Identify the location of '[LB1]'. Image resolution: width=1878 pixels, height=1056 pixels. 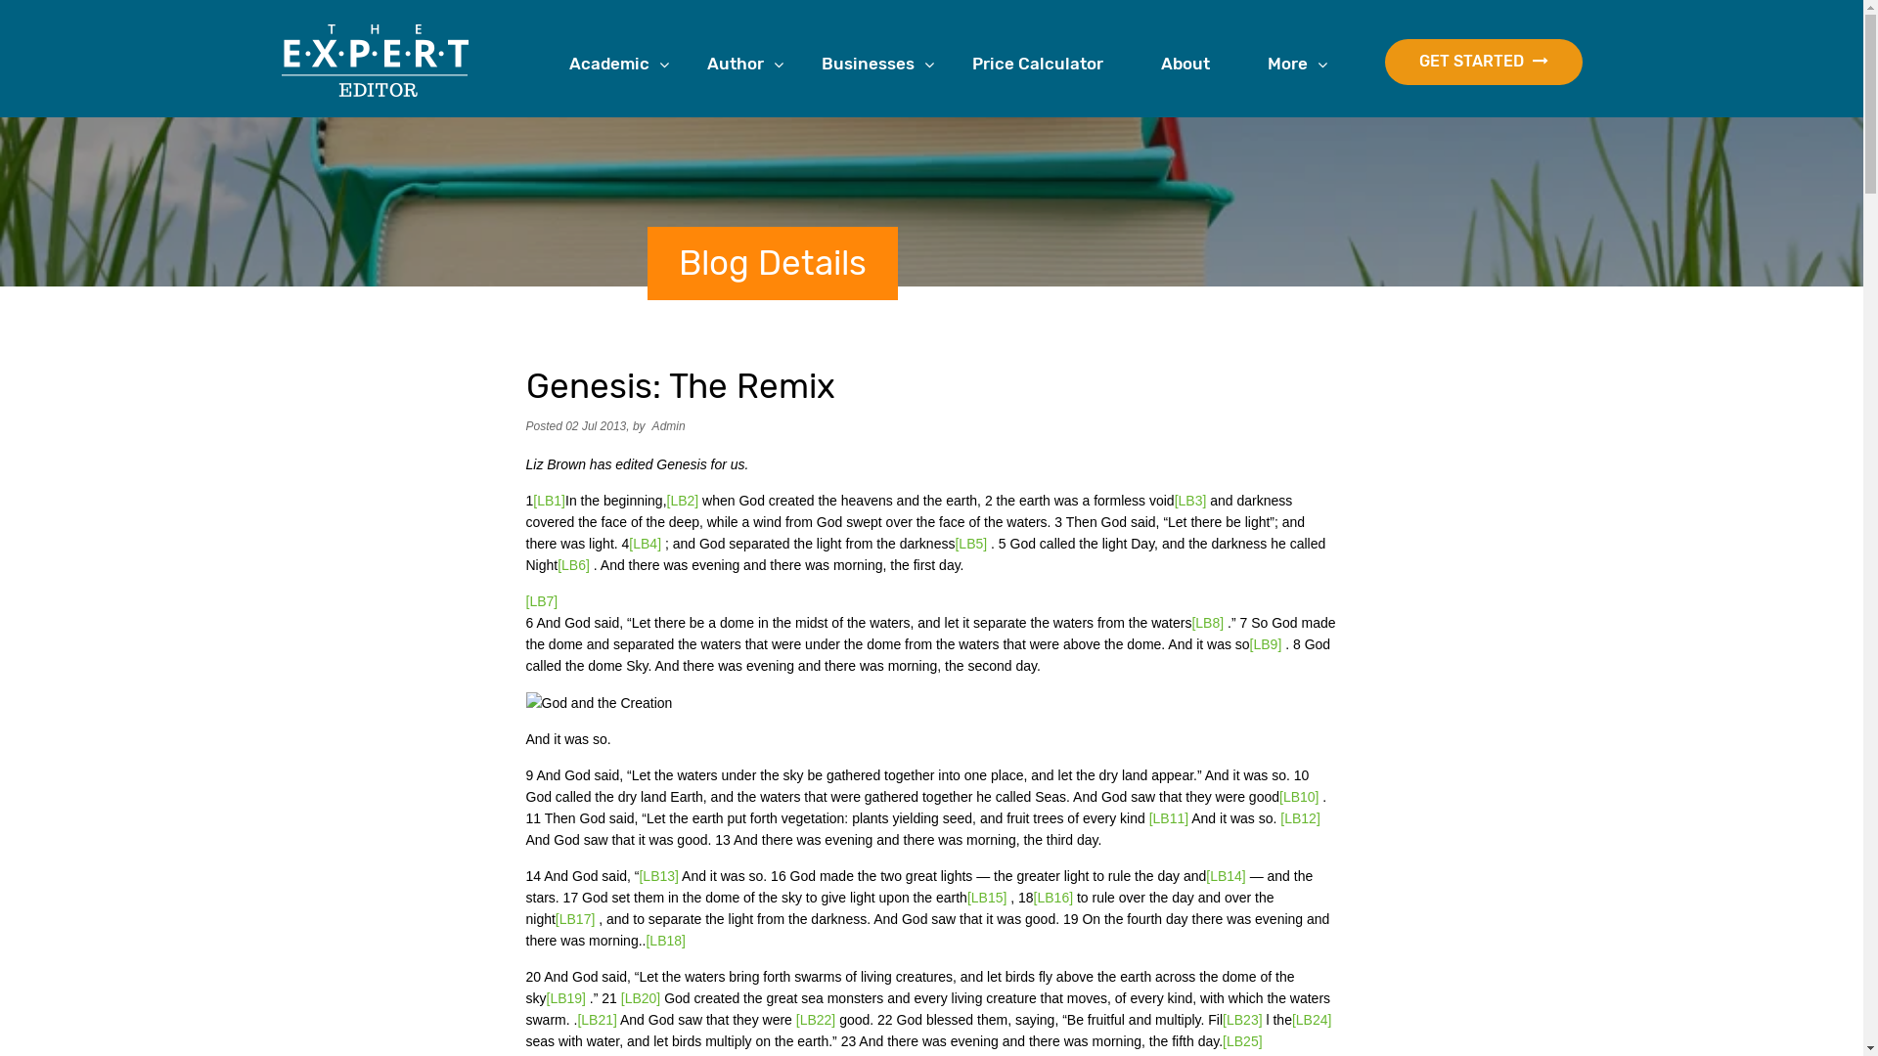
(548, 500).